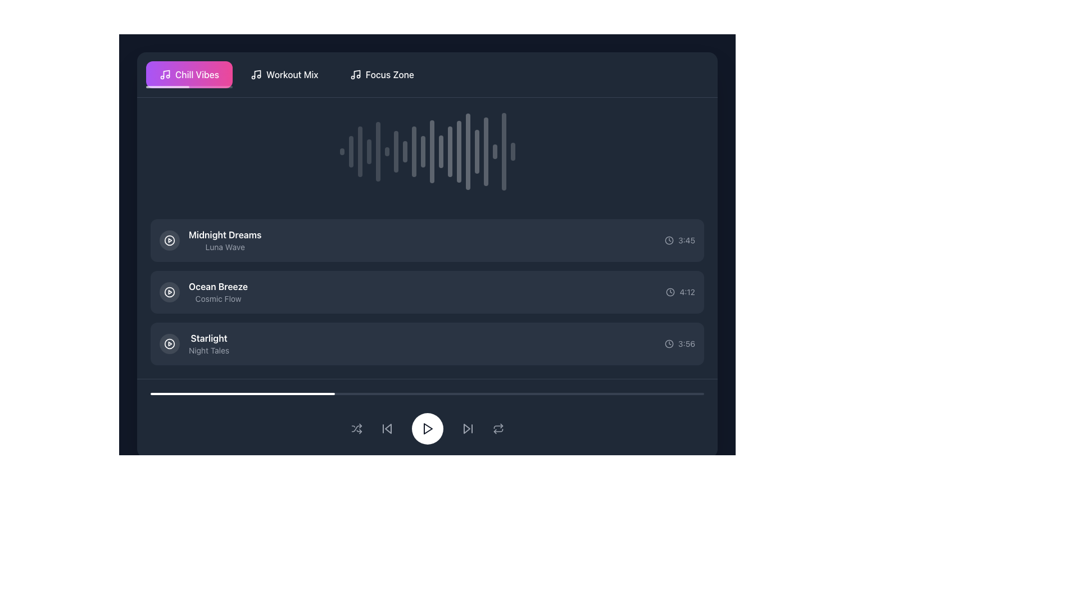 The image size is (1079, 607). Describe the element at coordinates (459, 152) in the screenshot. I see `the fourteenth vertical bar in the audio visualization component, which is styled with a semi-transparent white color and has a pulsating animation effect` at that location.